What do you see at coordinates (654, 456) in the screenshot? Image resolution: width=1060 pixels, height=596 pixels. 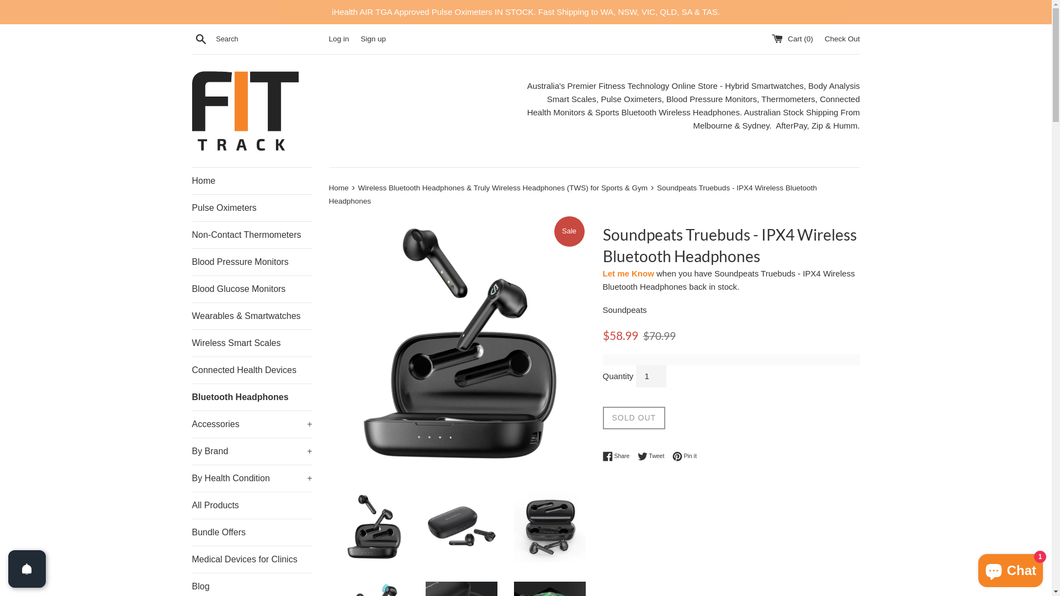 I see `'Tweet` at bounding box center [654, 456].